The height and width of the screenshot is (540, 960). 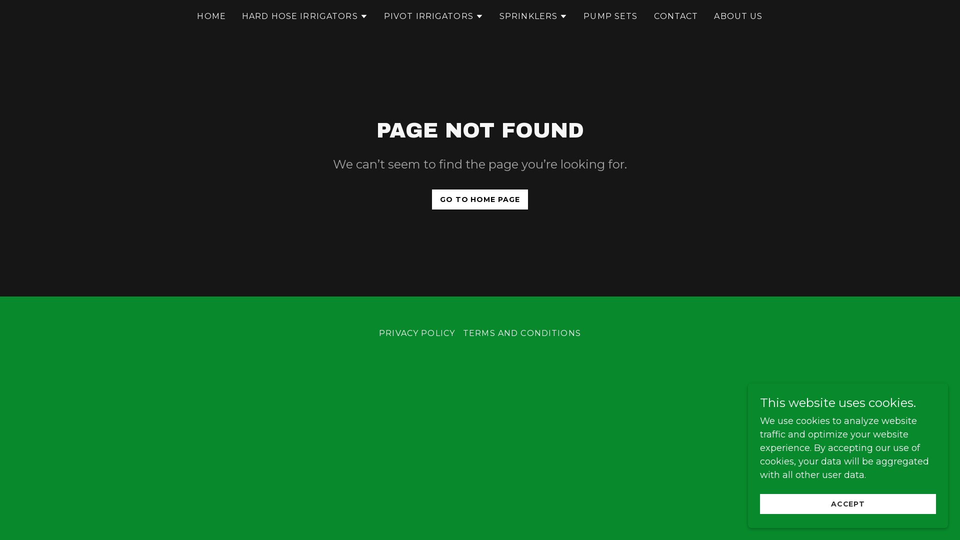 What do you see at coordinates (609, 16) in the screenshot?
I see `'PUMP SETS'` at bounding box center [609, 16].